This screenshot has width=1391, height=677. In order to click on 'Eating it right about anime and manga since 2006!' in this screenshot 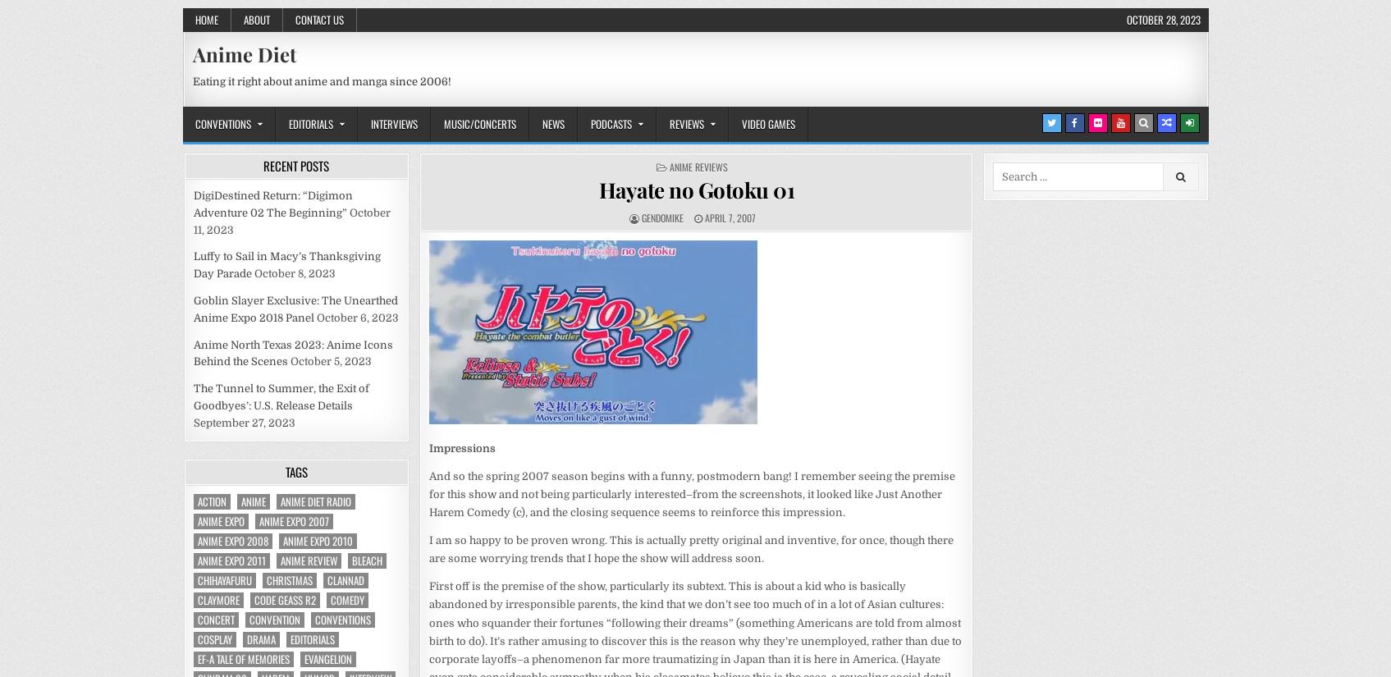, I will do `click(320, 81)`.